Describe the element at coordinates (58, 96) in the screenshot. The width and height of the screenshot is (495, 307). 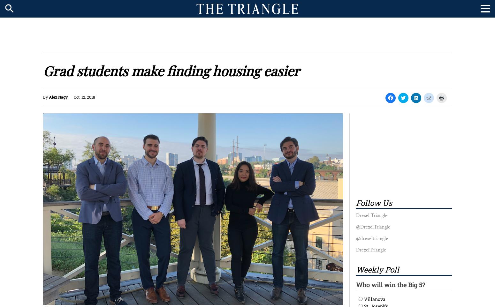
I see `'Alex Nagy'` at that location.